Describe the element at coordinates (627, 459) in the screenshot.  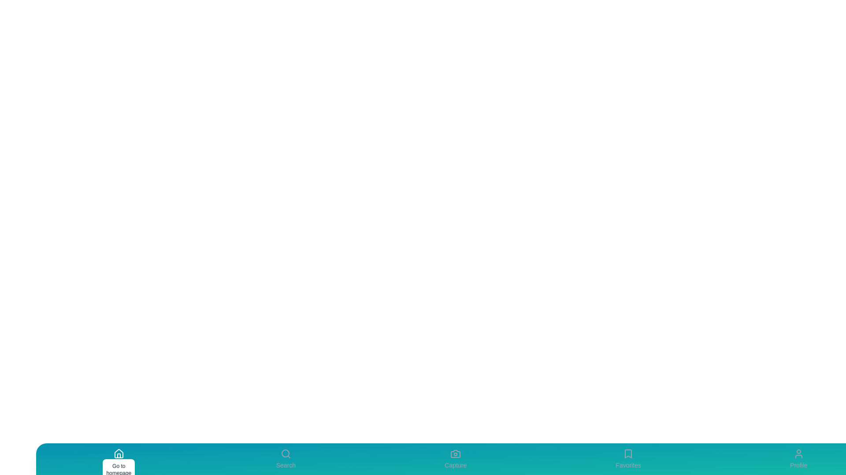
I see `the Favorites tab to navigate to its section` at that location.